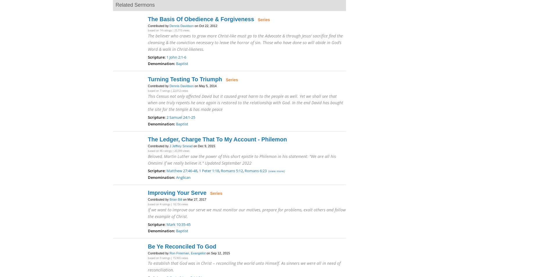 This screenshot has width=552, height=277. Describe the element at coordinates (160, 30) in the screenshot. I see `'based on  14 ratings'` at that location.